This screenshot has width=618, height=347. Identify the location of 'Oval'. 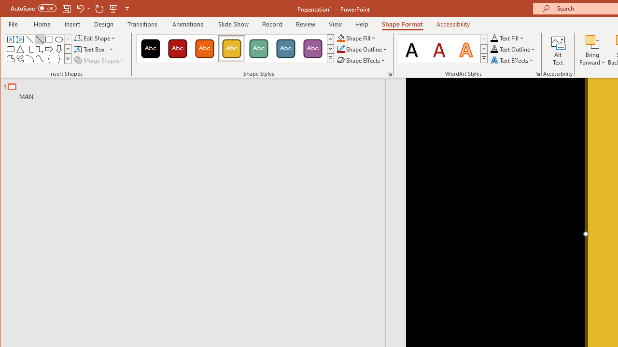
(58, 39).